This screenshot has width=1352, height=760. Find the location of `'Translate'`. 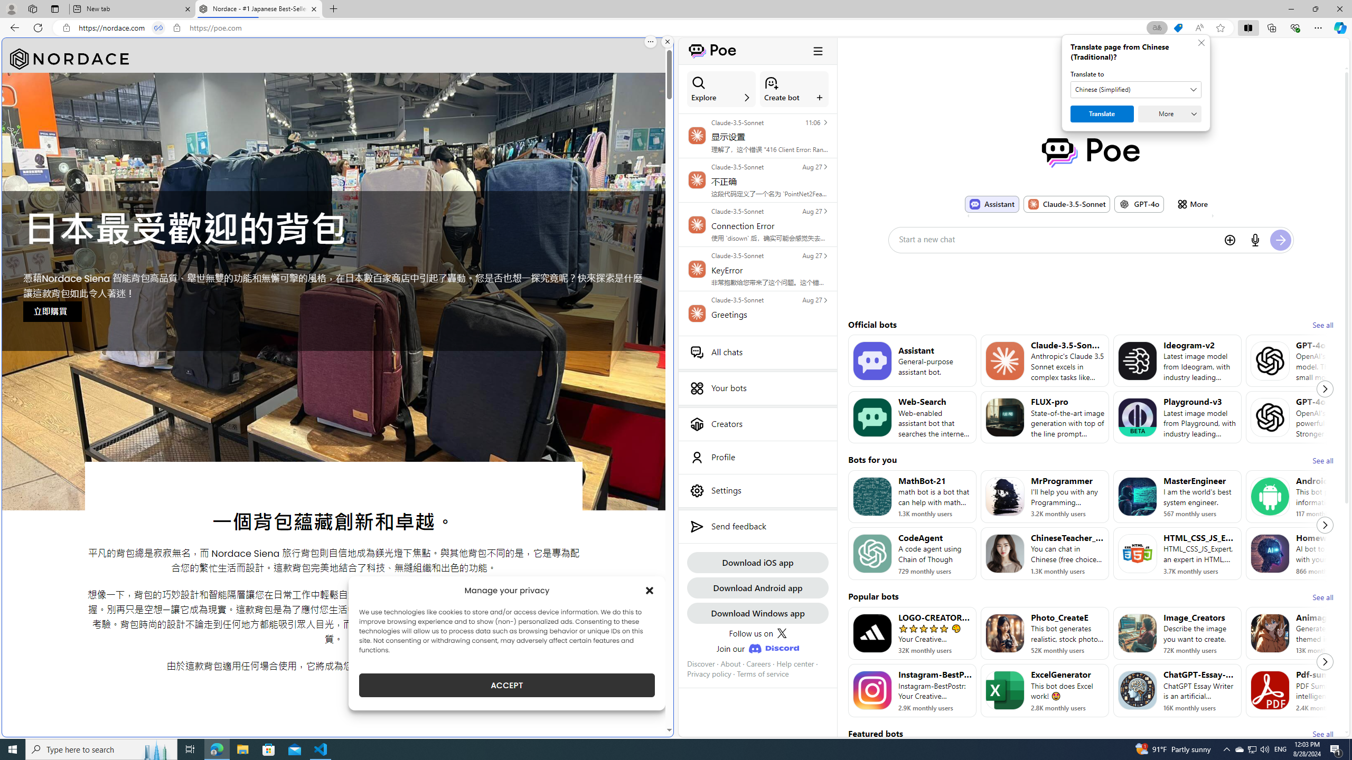

'Translate' is located at coordinates (1102, 113).